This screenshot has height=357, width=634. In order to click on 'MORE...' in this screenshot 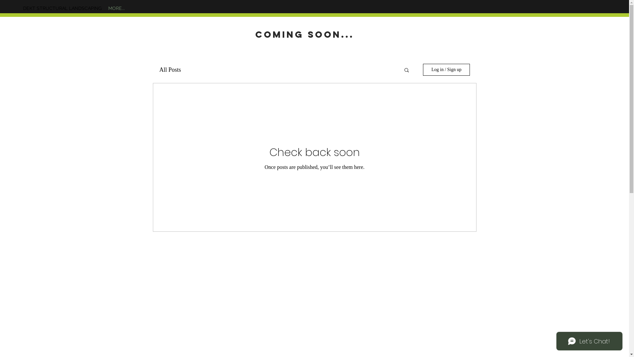, I will do `click(117, 8)`.